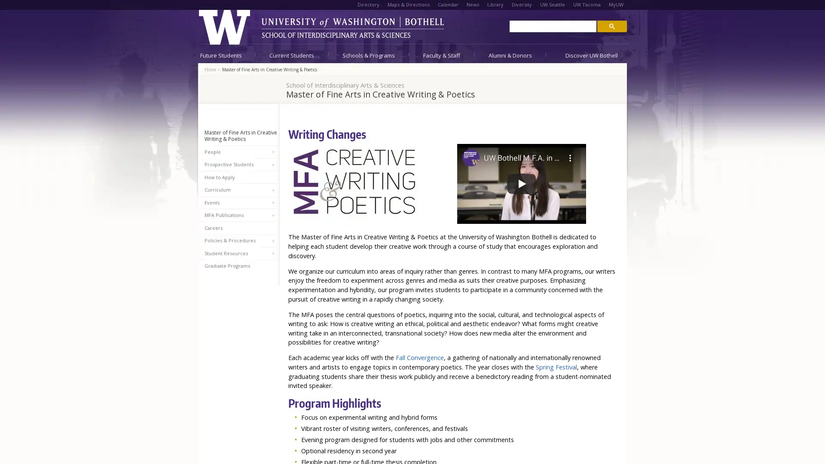 The width and height of the screenshot is (825, 464). I want to click on Events Submenu, so click(273, 202).